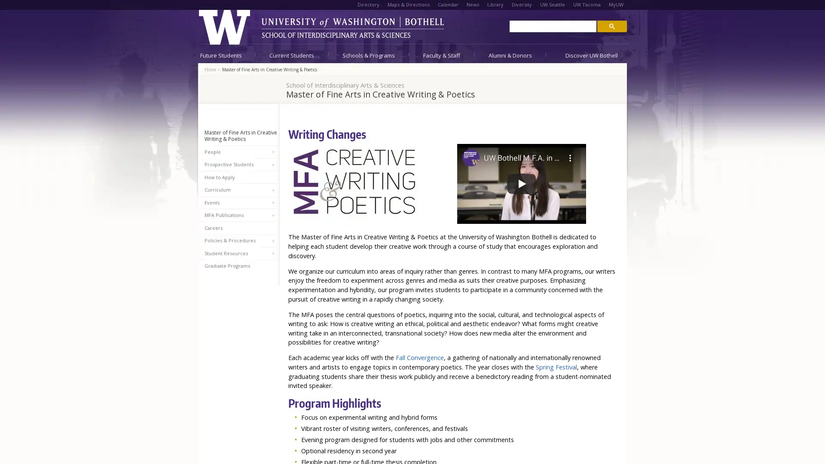 The width and height of the screenshot is (825, 464). I want to click on Events Submenu, so click(273, 202).